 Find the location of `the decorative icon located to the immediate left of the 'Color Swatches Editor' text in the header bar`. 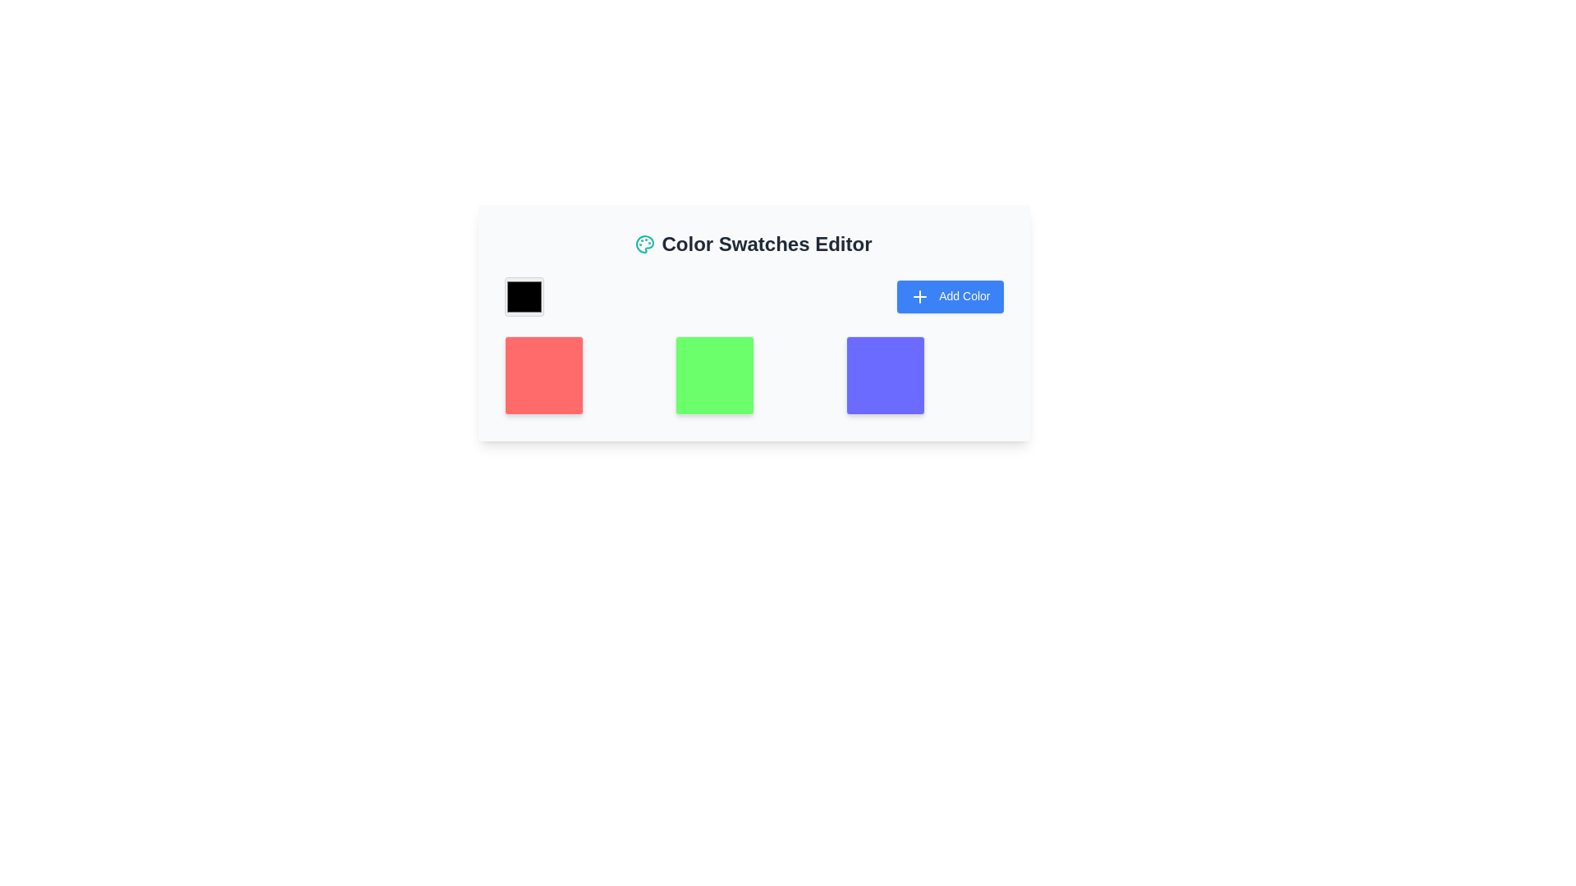

the decorative icon located to the immediate left of the 'Color Swatches Editor' text in the header bar is located at coordinates (644, 244).